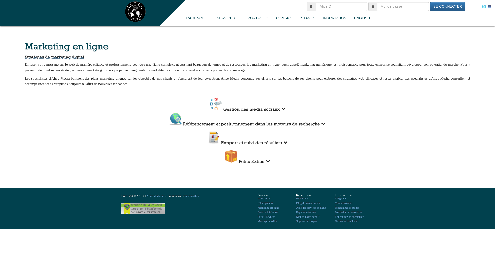 Image resolution: width=495 pixels, height=278 pixels. What do you see at coordinates (258, 18) in the screenshot?
I see `'PORTFOLIO'` at bounding box center [258, 18].